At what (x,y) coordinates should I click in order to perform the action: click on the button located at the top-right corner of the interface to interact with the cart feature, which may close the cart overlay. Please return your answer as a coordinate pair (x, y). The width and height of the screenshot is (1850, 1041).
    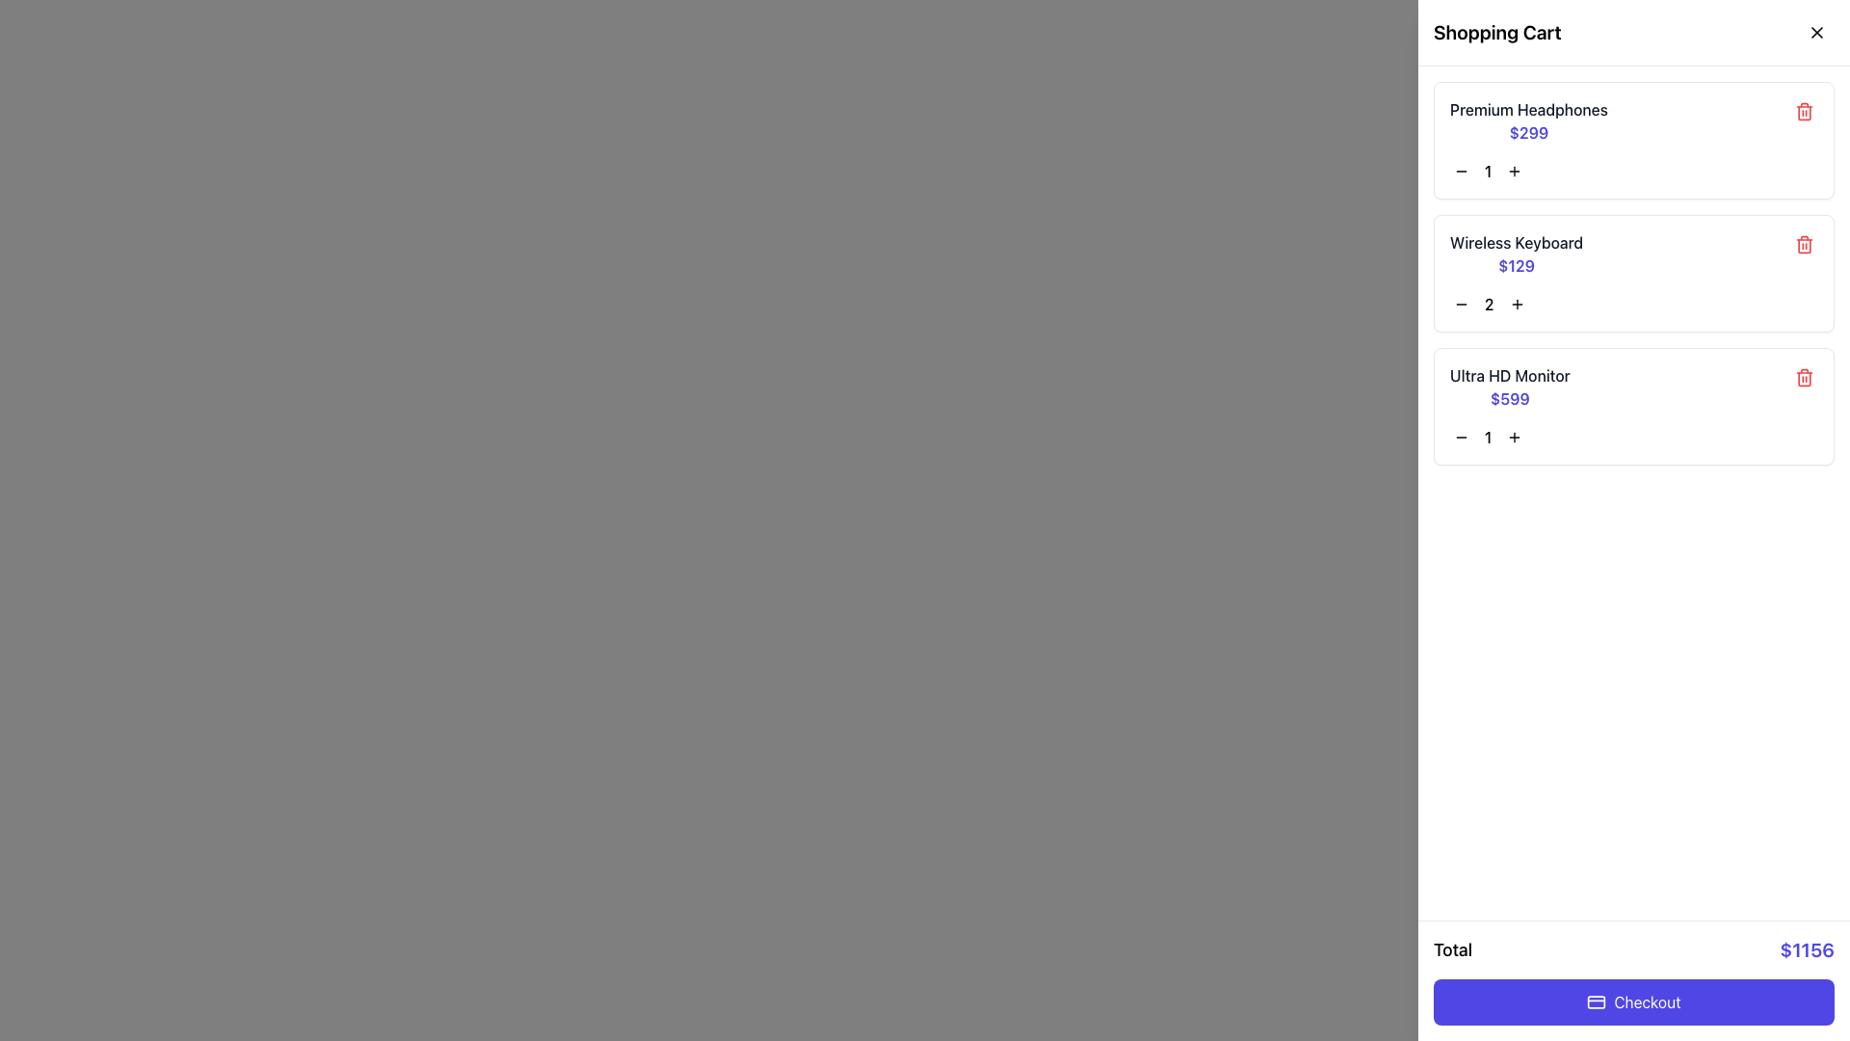
    Looking at the image, I should click on (1813, 34).